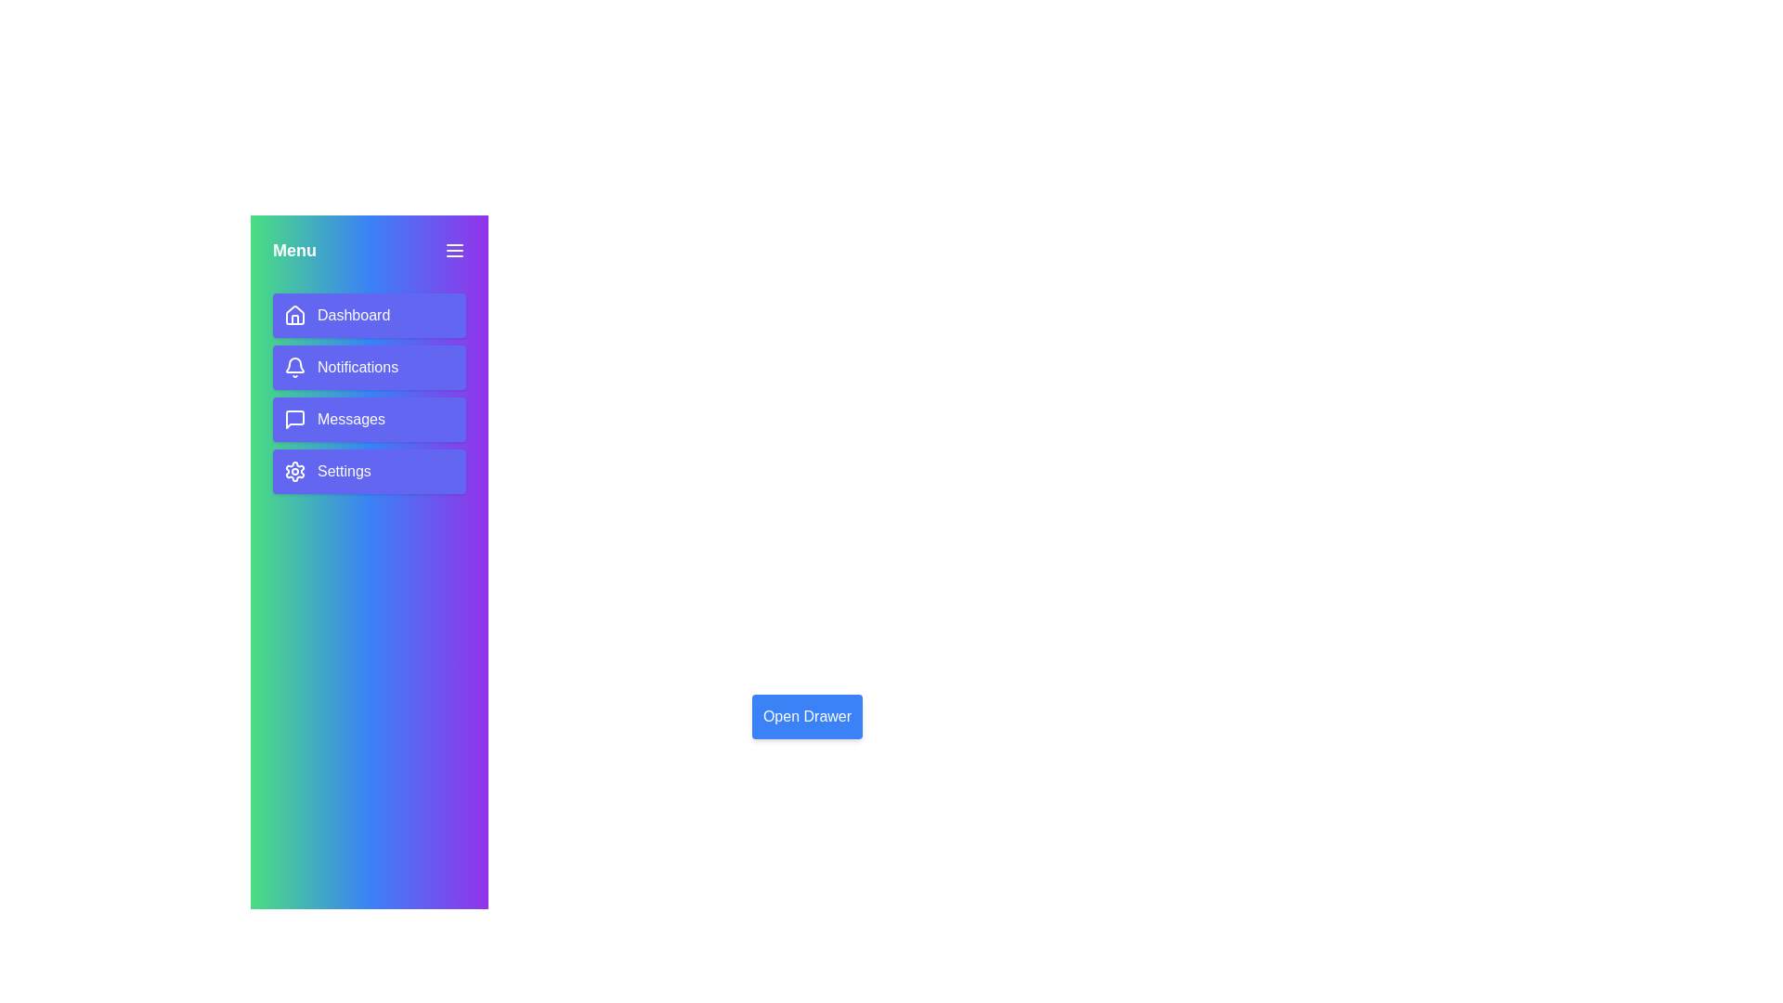  I want to click on the gradient background of the drawer to focus on its visual appearance, so click(370, 715).